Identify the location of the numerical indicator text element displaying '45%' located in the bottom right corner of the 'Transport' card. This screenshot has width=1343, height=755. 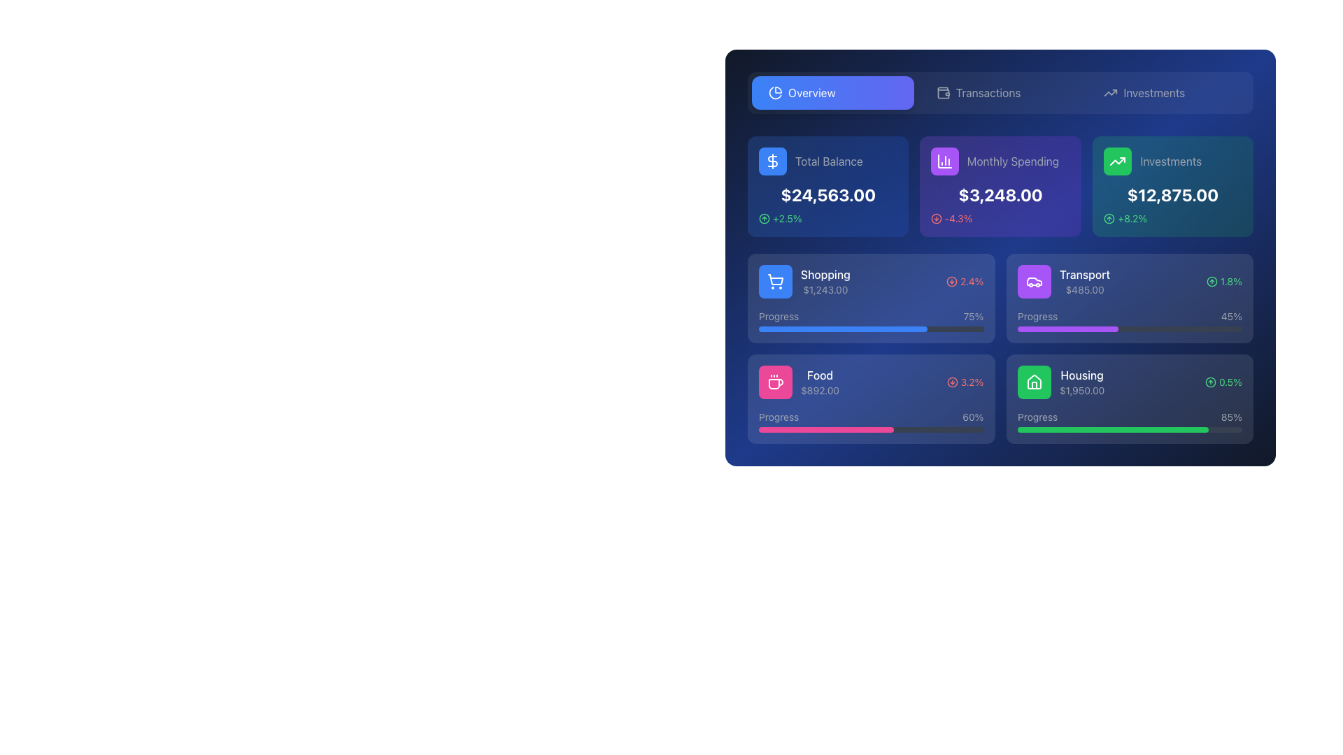
(1231, 316).